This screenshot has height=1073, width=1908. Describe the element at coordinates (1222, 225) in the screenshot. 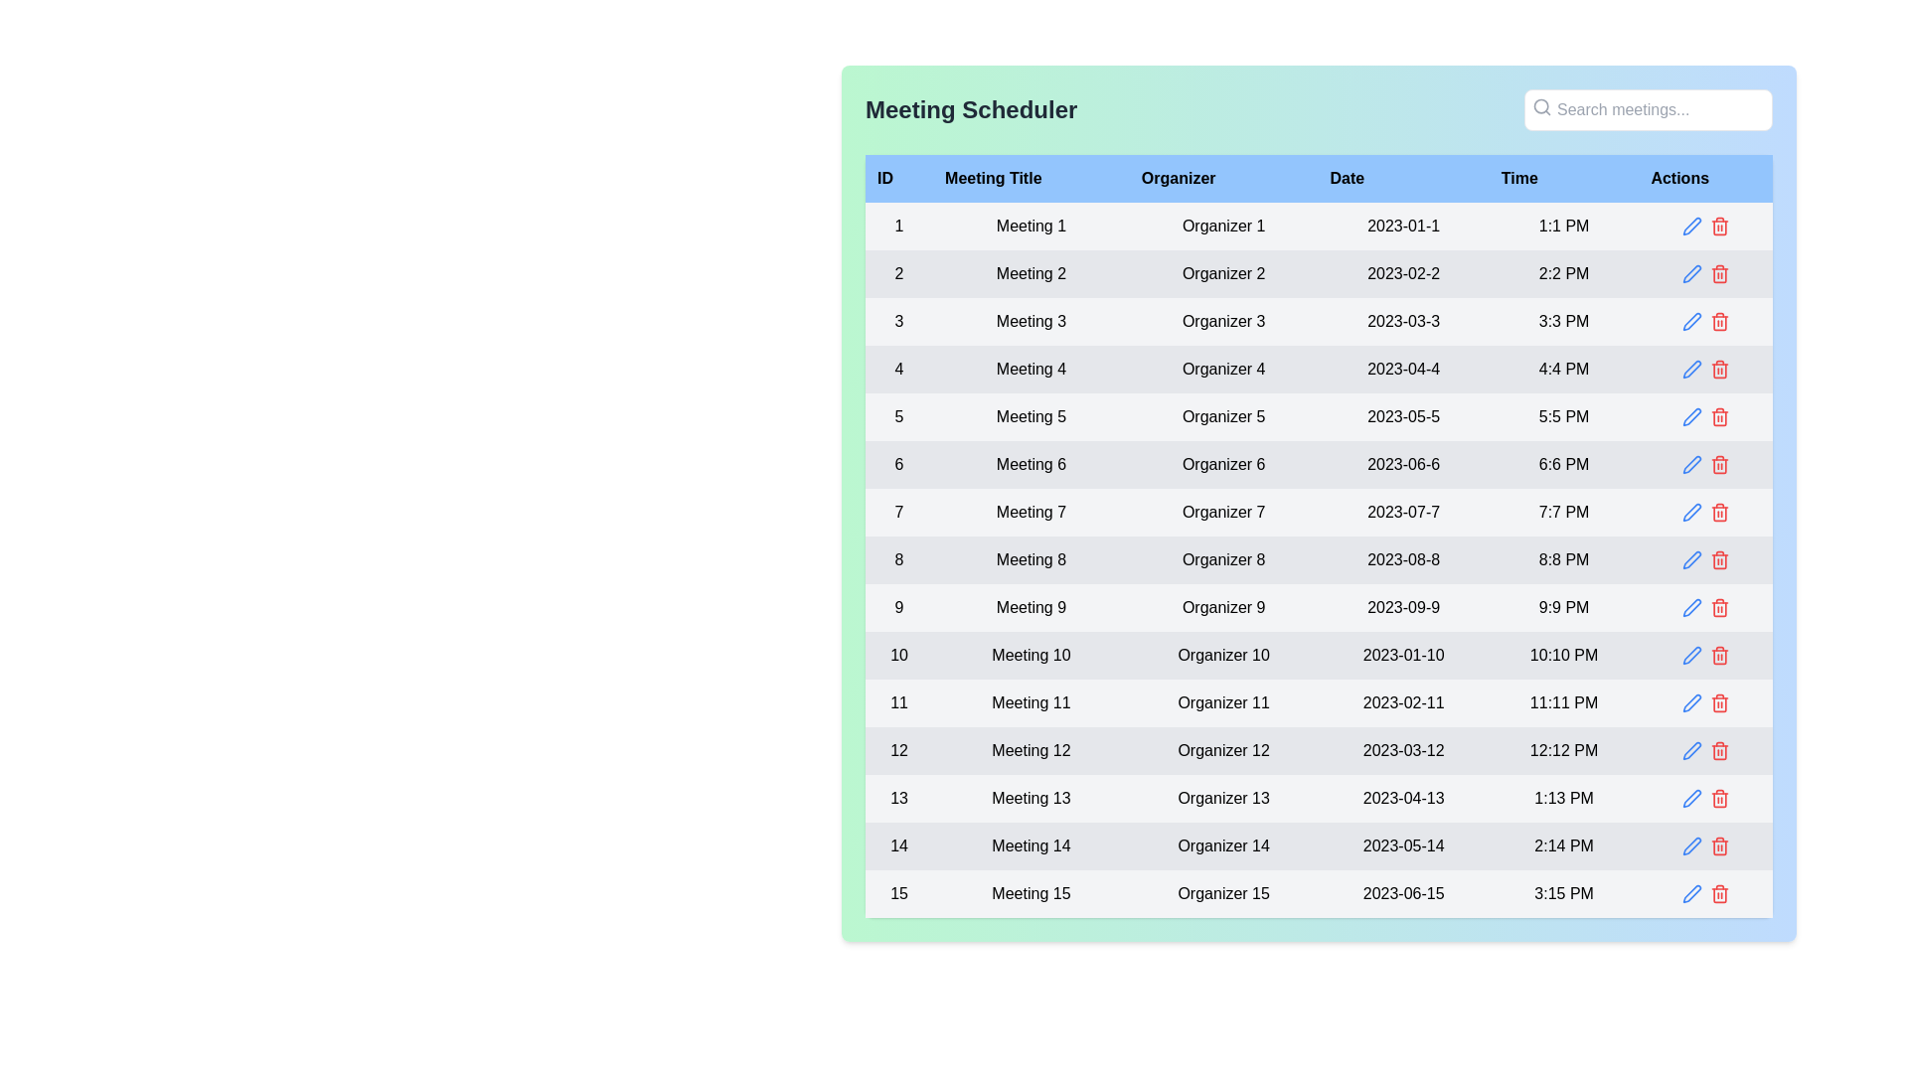

I see `text from the text label that displays the organizer's name in the third column of the first row under the 'Organizer' header` at that location.